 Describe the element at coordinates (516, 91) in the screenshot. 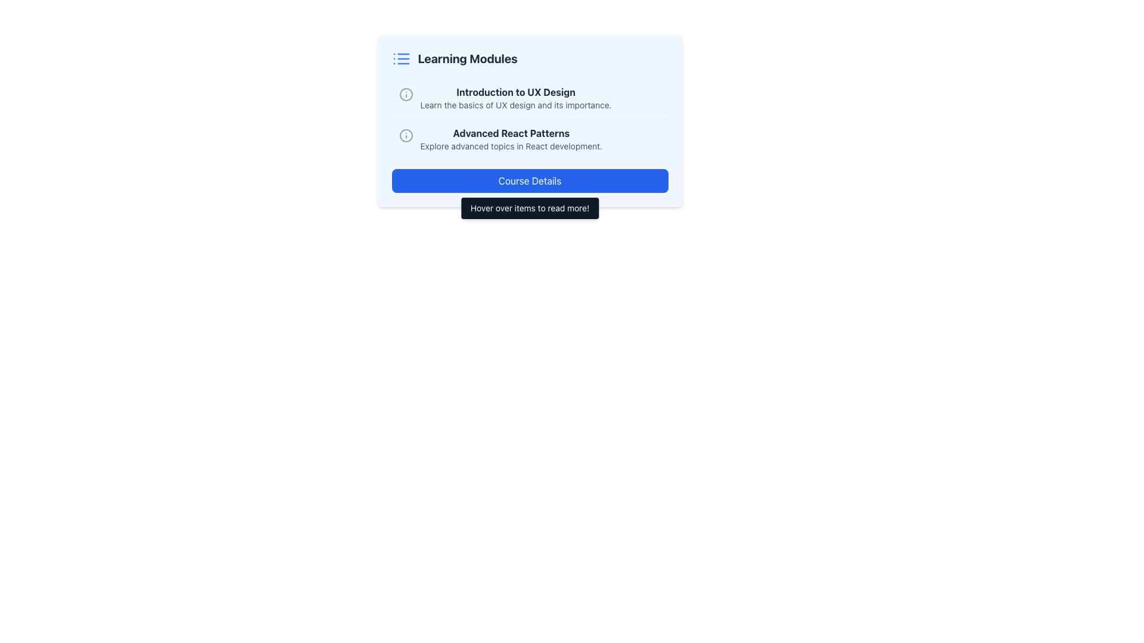

I see `title text located in the 'Learning Modules' section, positioned above the description 'Learn the basics of UX design and its importance.'` at that location.